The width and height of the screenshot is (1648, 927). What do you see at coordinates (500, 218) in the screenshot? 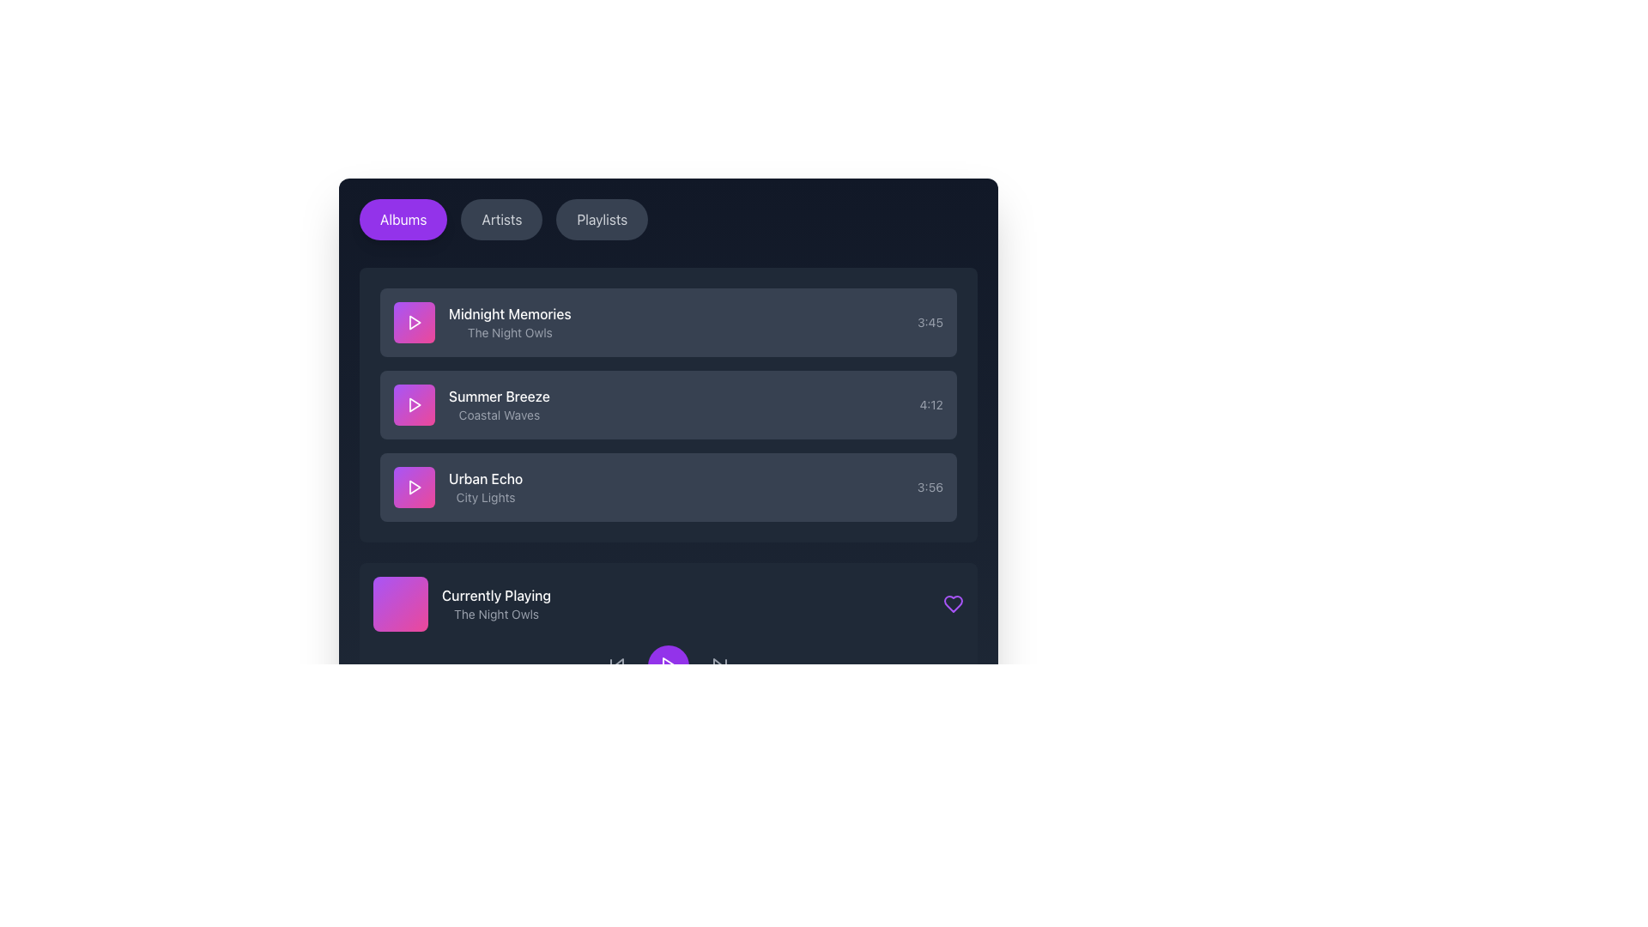
I see `the 'Artists' button in the navigation bar` at bounding box center [500, 218].